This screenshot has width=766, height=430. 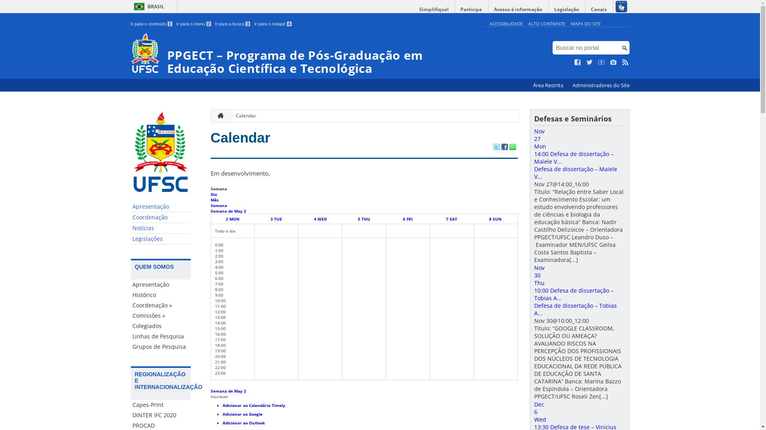 I want to click on '6 FRI', so click(x=408, y=219).